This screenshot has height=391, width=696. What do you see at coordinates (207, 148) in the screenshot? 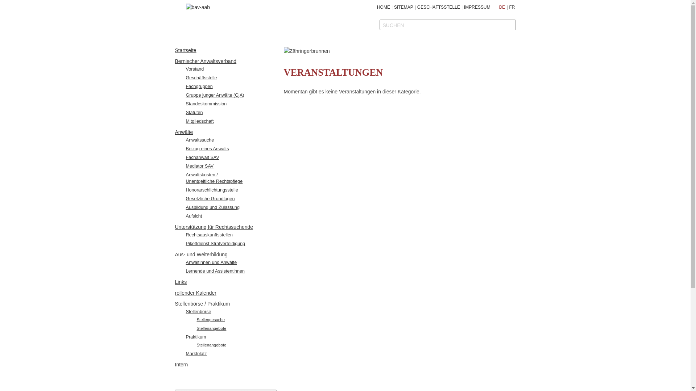
I see `'Beizug eines Anwalts'` at bounding box center [207, 148].